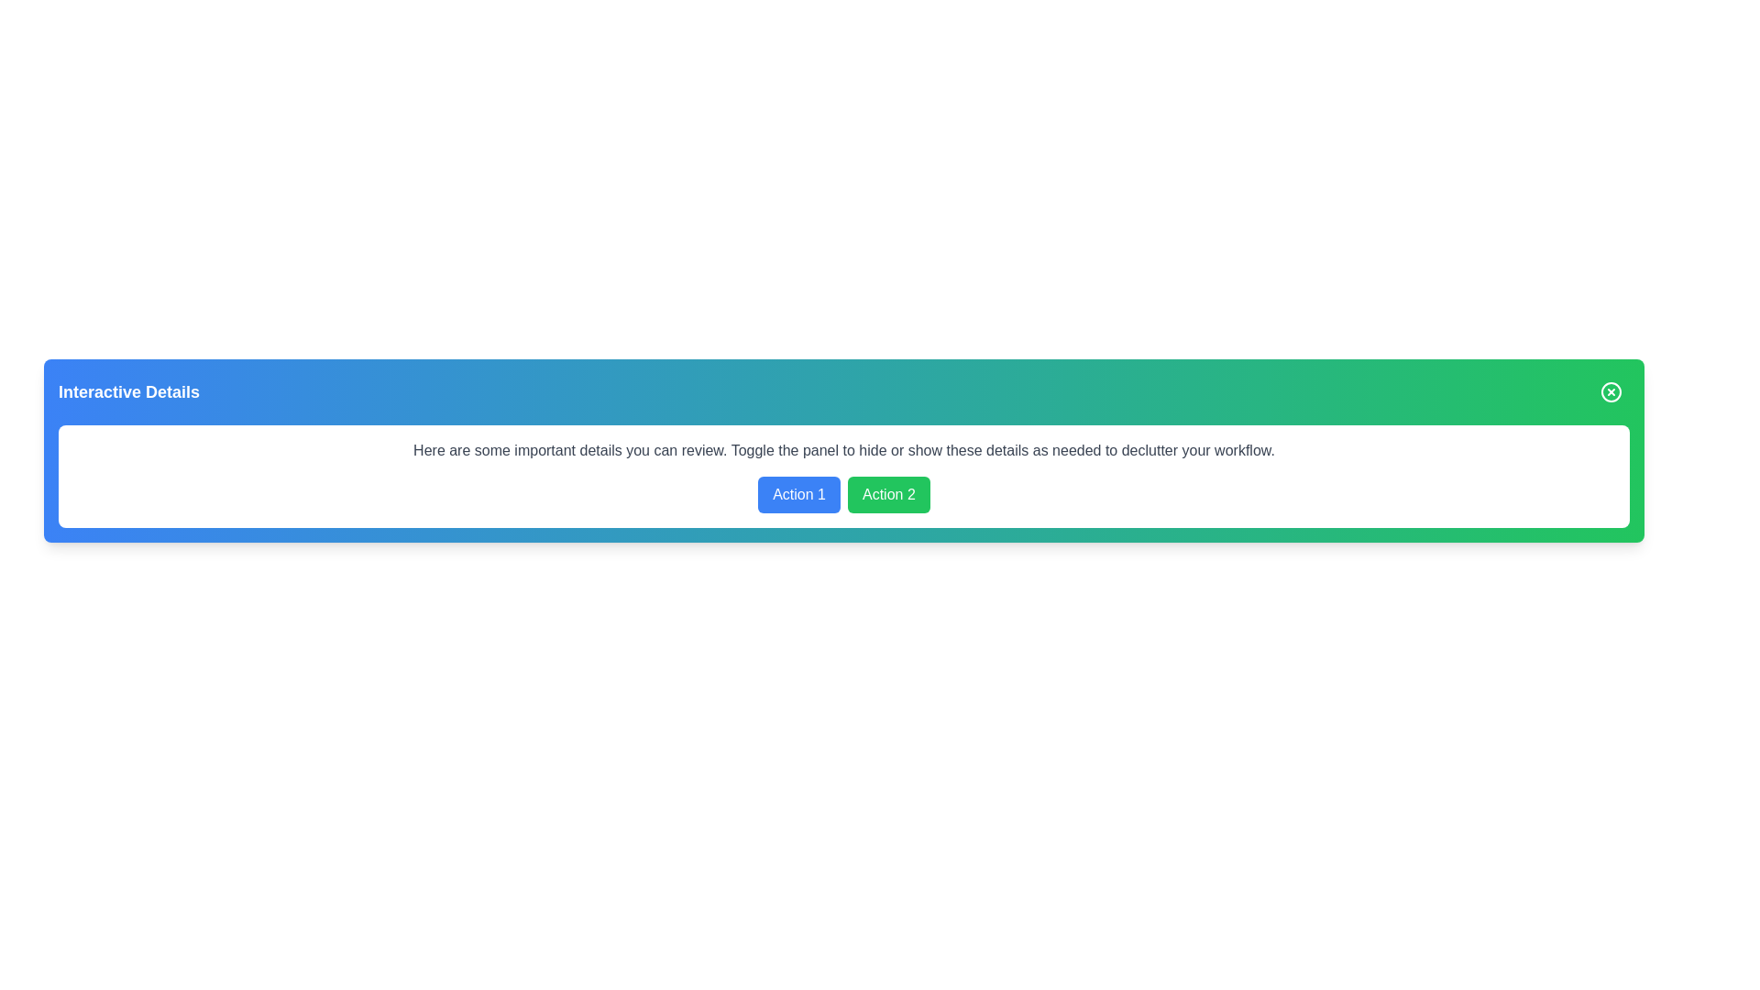 The width and height of the screenshot is (1760, 990). What do you see at coordinates (1610, 391) in the screenshot?
I see `the SVG circle element which is part of the close or dismiss icon located in the top right corner of the panel` at bounding box center [1610, 391].